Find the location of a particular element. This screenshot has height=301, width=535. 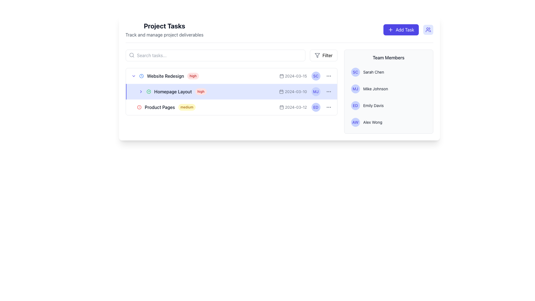

a user entry in the list of team members is located at coordinates (388, 97).